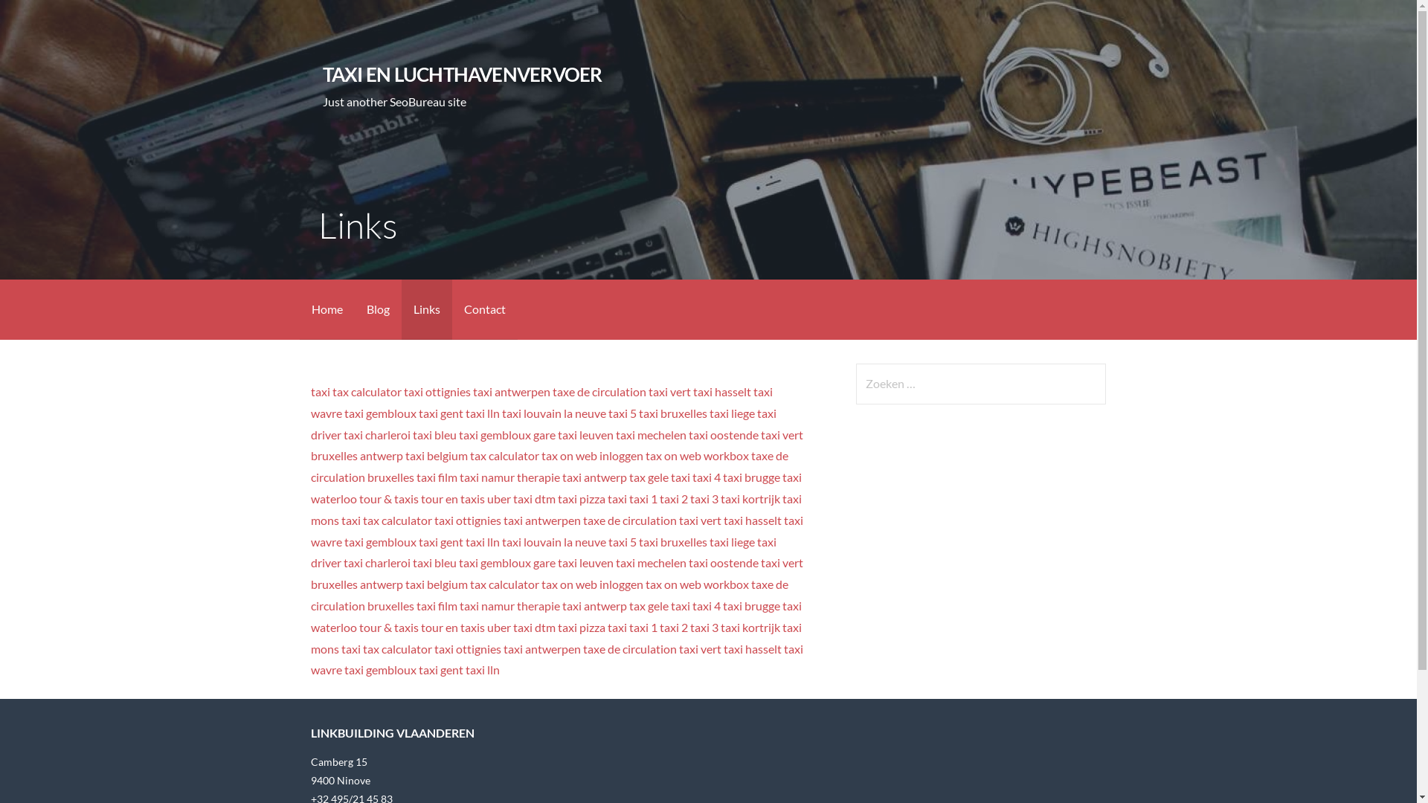 This screenshot has height=803, width=1428. What do you see at coordinates (377, 434) in the screenshot?
I see `'taxi charleroi'` at bounding box center [377, 434].